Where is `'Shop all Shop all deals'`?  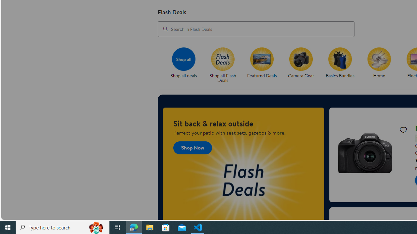
'Shop all Shop all deals' is located at coordinates (183, 63).